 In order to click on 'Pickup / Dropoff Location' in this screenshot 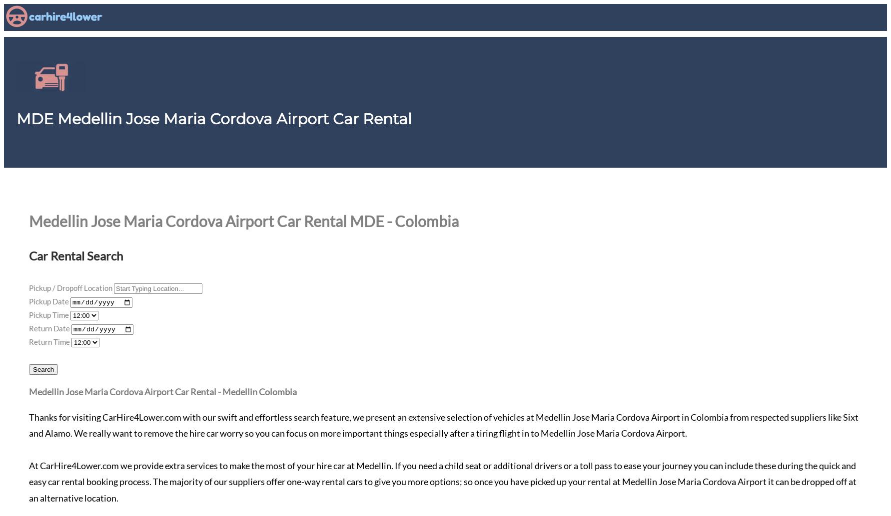, I will do `click(70, 287)`.